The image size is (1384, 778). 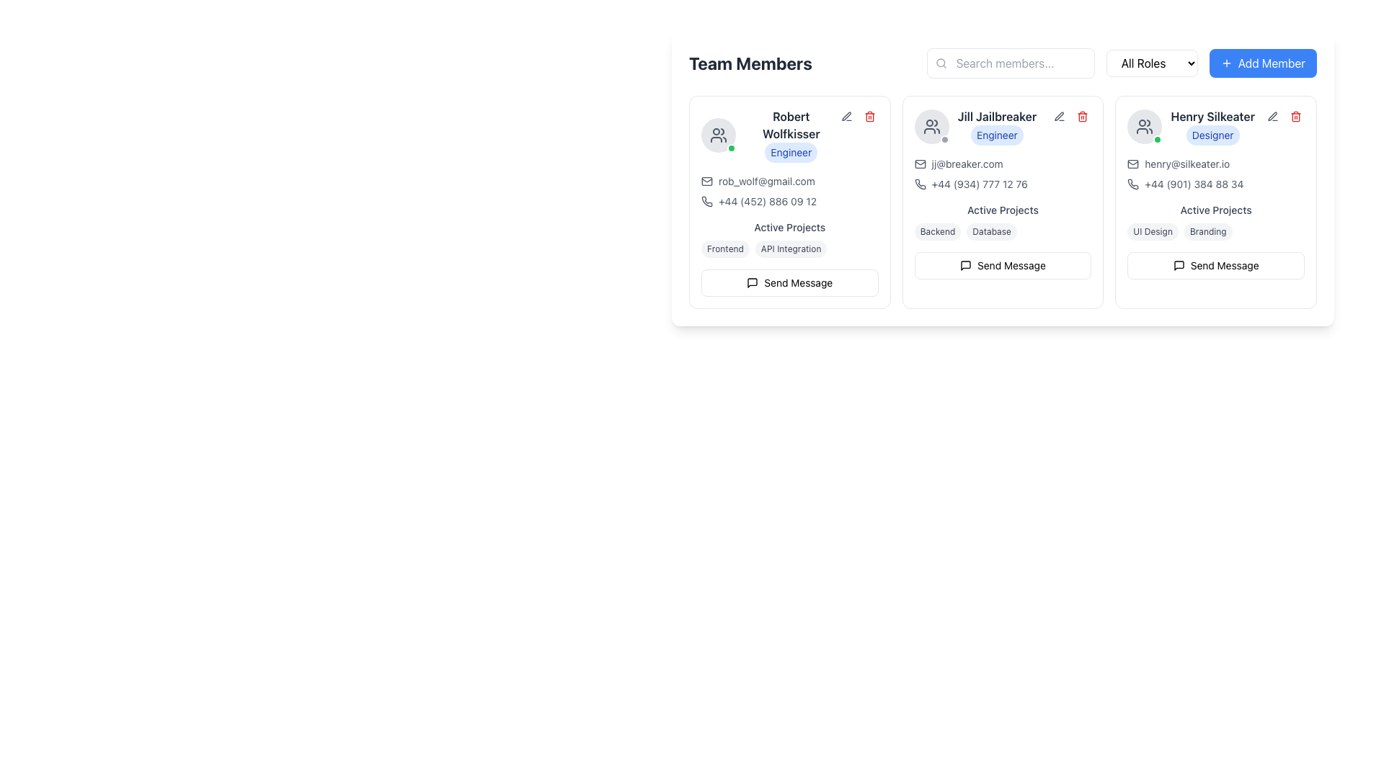 What do you see at coordinates (1144, 126) in the screenshot?
I see `the circular avatar component featuring user silhouettes for 'Henry Silkeater', which indicates online status with a small green dot in the bottom right corner` at bounding box center [1144, 126].